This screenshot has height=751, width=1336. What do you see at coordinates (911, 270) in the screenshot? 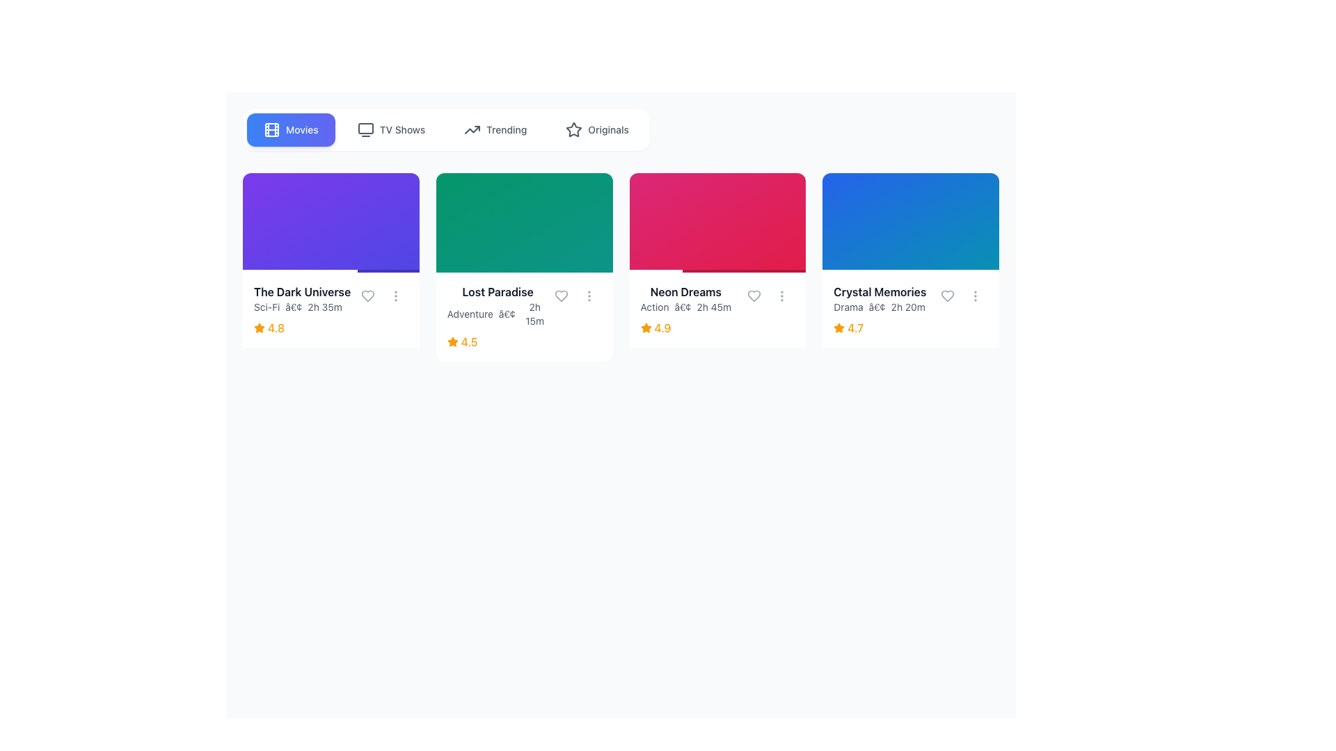
I see `the thin horizontal progress bar located at the bottom of the card section representing the 'Crystal Memories' movie` at bounding box center [911, 270].